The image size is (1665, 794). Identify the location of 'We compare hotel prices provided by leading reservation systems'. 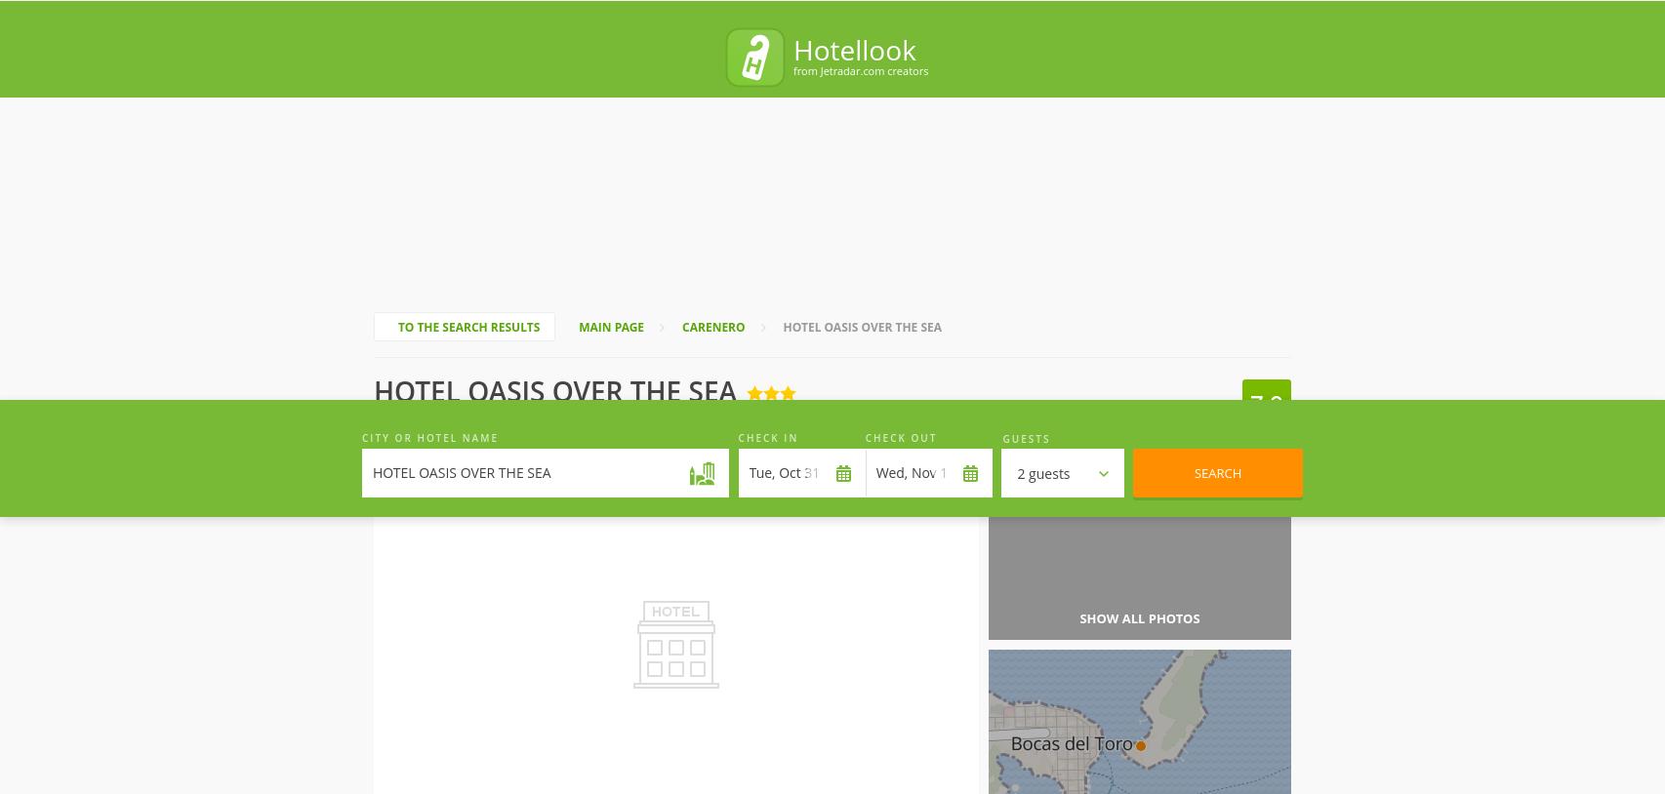
(585, 714).